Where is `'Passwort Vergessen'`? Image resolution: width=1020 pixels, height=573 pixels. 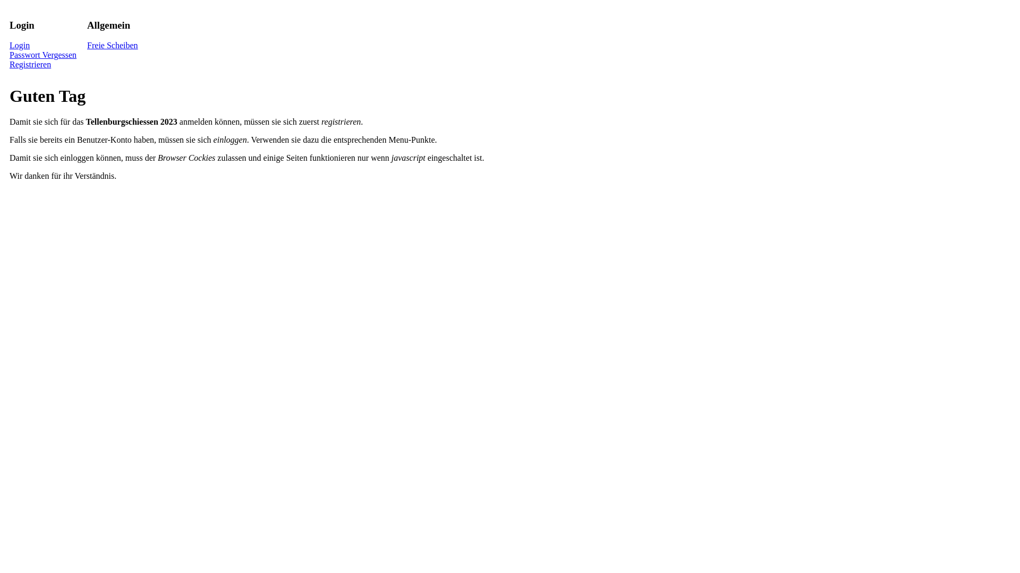
'Passwort Vergessen' is located at coordinates (42, 55).